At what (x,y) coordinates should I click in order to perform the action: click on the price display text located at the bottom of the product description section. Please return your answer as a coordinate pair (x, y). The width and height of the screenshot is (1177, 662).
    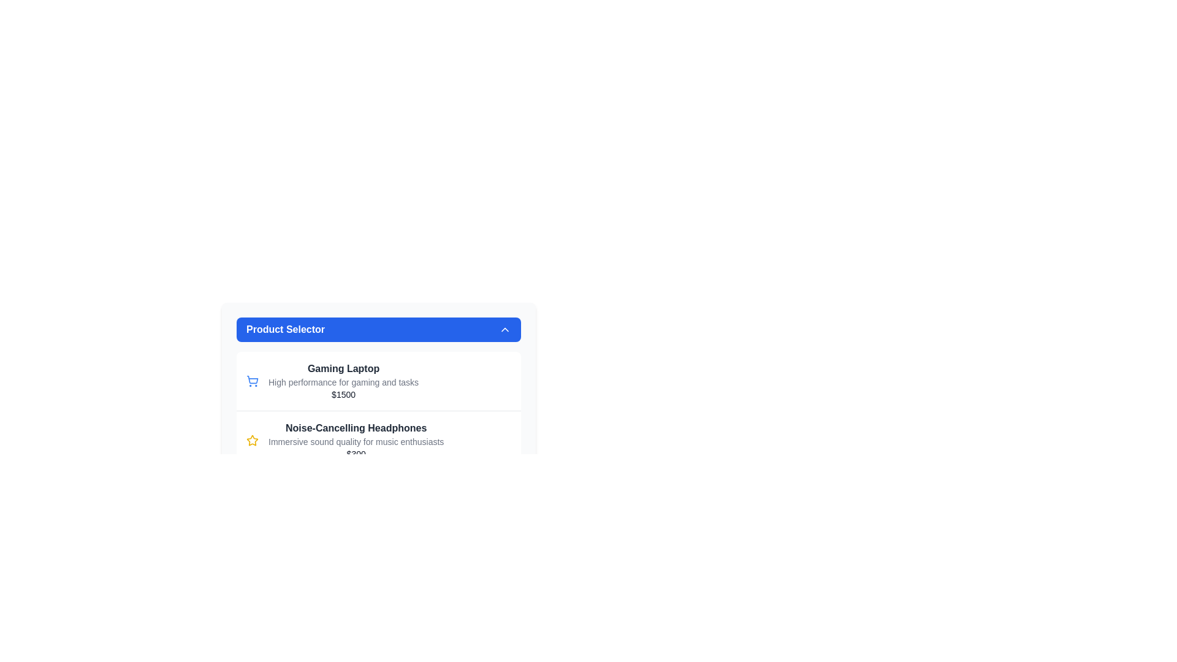
    Looking at the image, I should click on (343, 395).